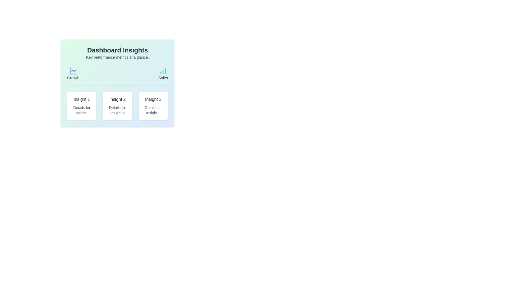  Describe the element at coordinates (73, 71) in the screenshot. I see `the blue line chart icon located in the 'Growth' section, which is positioned above the 'Growth' label text and aligned to the left of the 'Sales' section` at that location.